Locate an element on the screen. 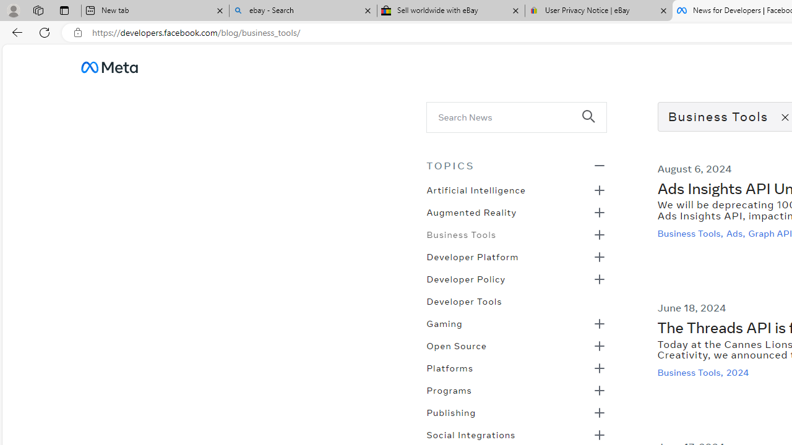 The image size is (792, 445). 'Personal Profile' is located at coordinates (13, 10).